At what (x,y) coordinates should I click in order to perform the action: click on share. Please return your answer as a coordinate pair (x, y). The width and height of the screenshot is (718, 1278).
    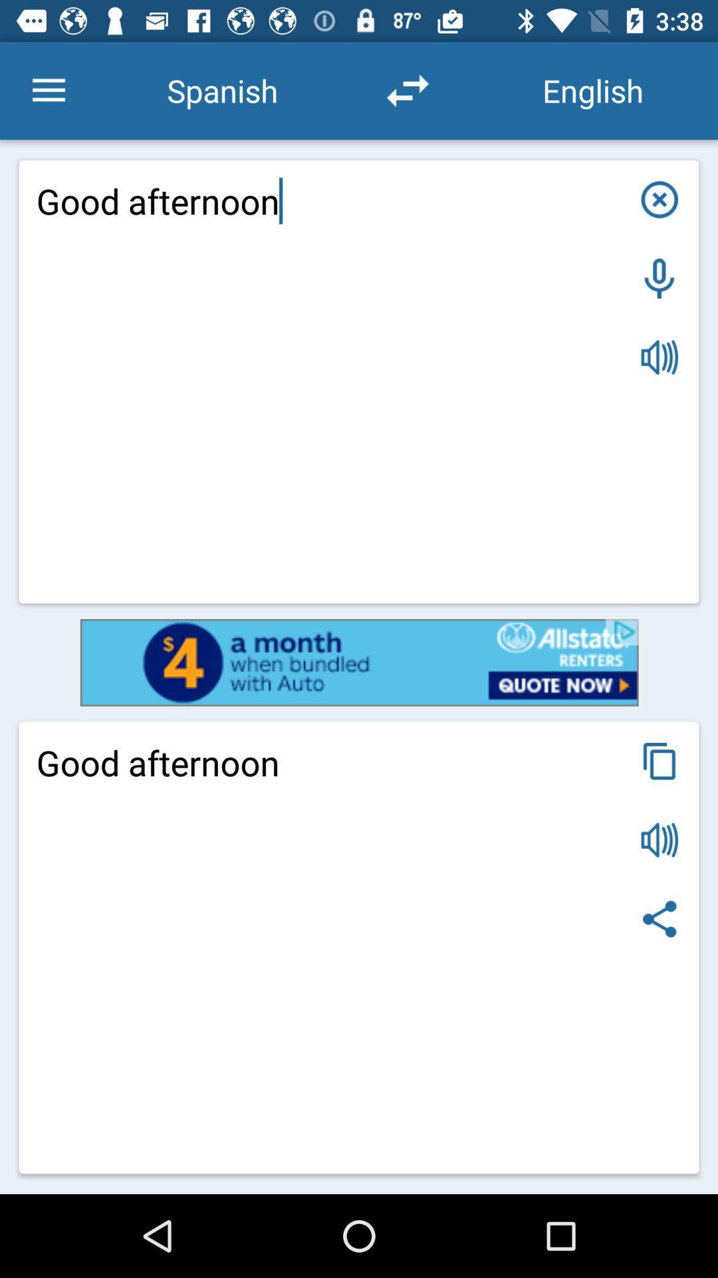
    Looking at the image, I should click on (659, 918).